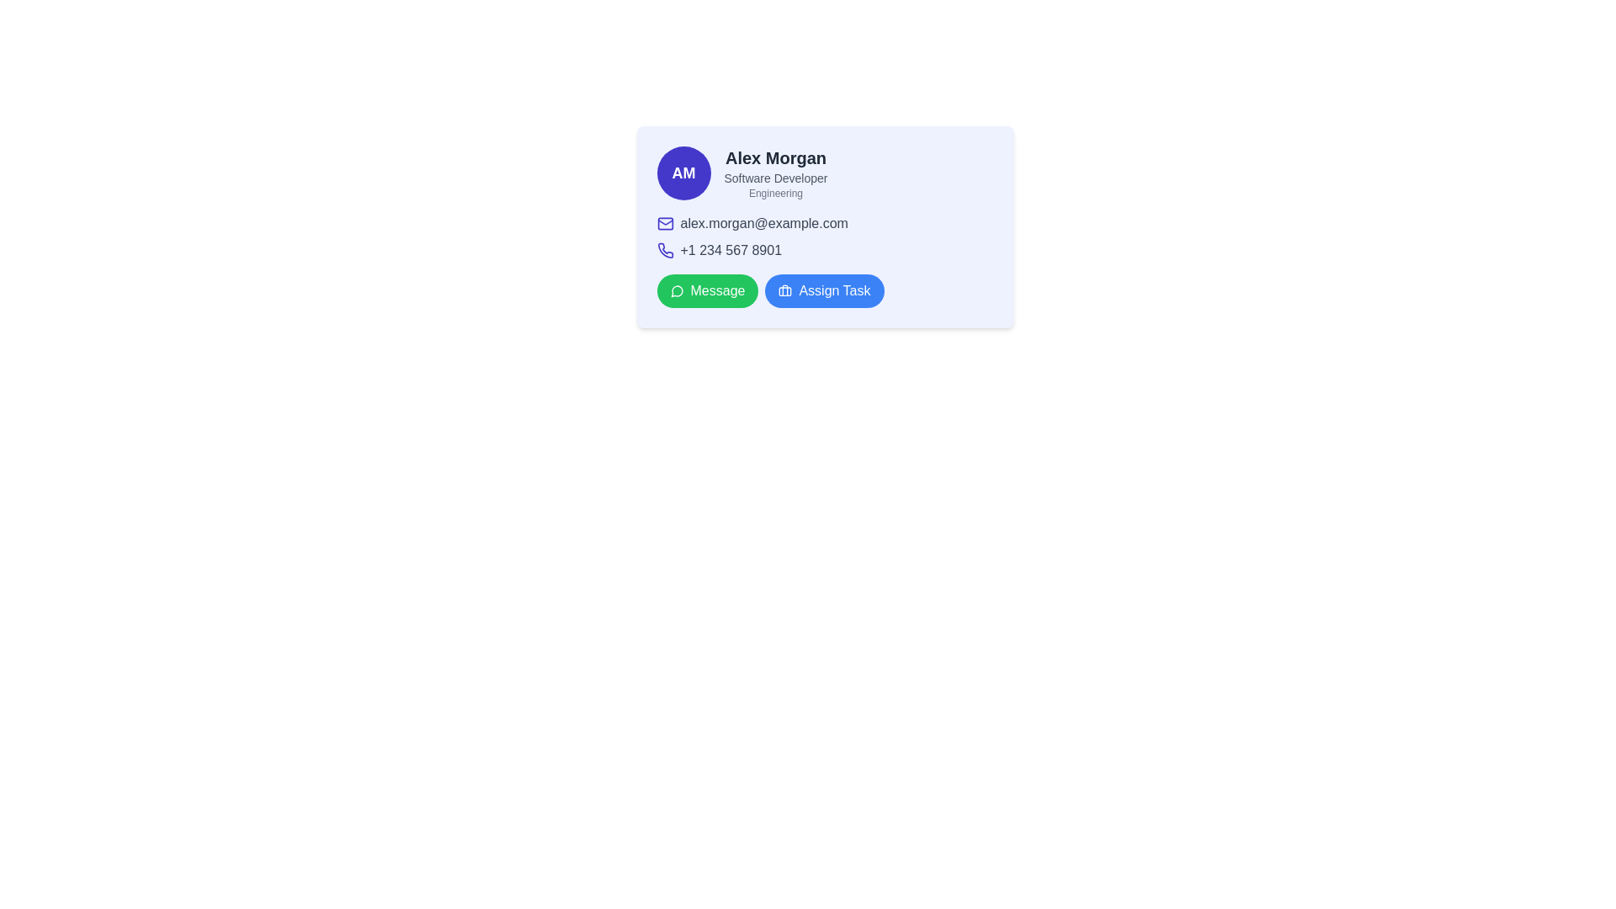 This screenshot has width=1616, height=909. I want to click on the text display element showing the email address 'alex.morgan@example.com', which is located under the user's name and role description header, so click(825, 223).